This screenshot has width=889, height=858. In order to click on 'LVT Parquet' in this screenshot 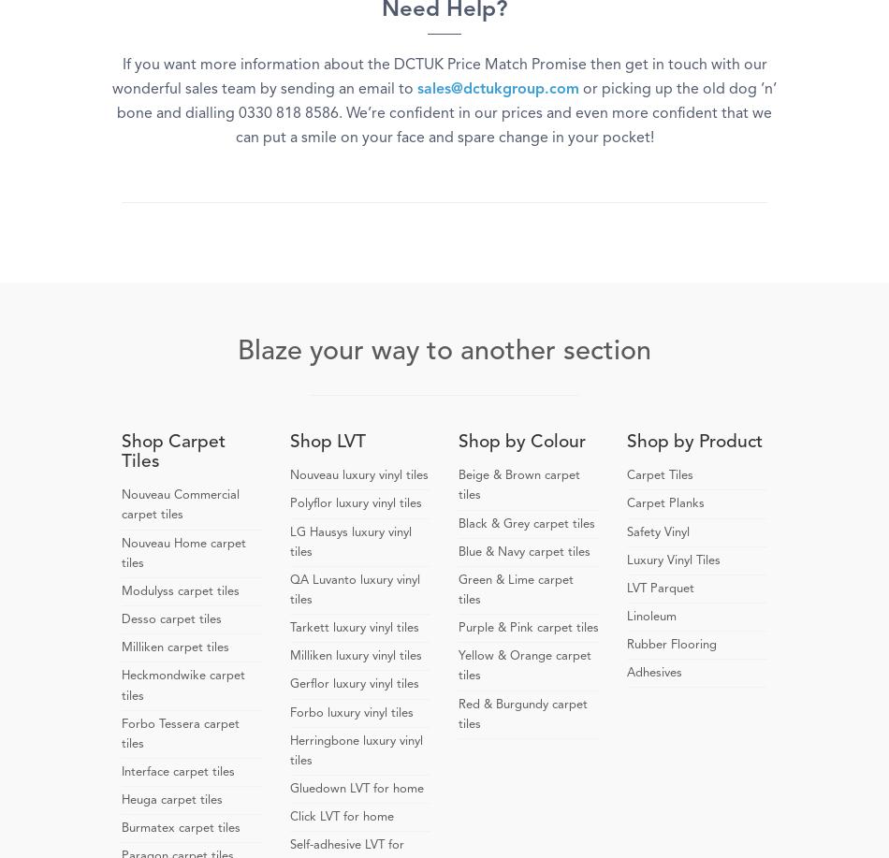, I will do `click(627, 587)`.